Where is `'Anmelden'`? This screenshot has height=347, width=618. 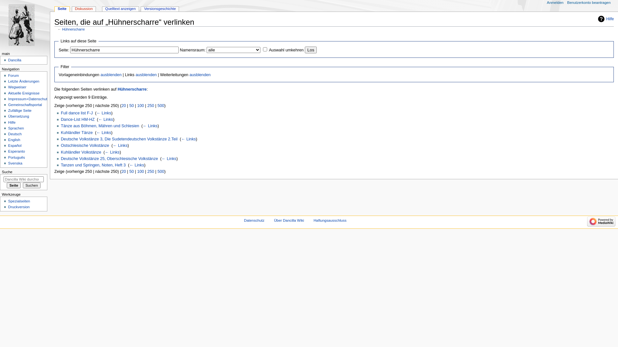 'Anmelden' is located at coordinates (555, 3).